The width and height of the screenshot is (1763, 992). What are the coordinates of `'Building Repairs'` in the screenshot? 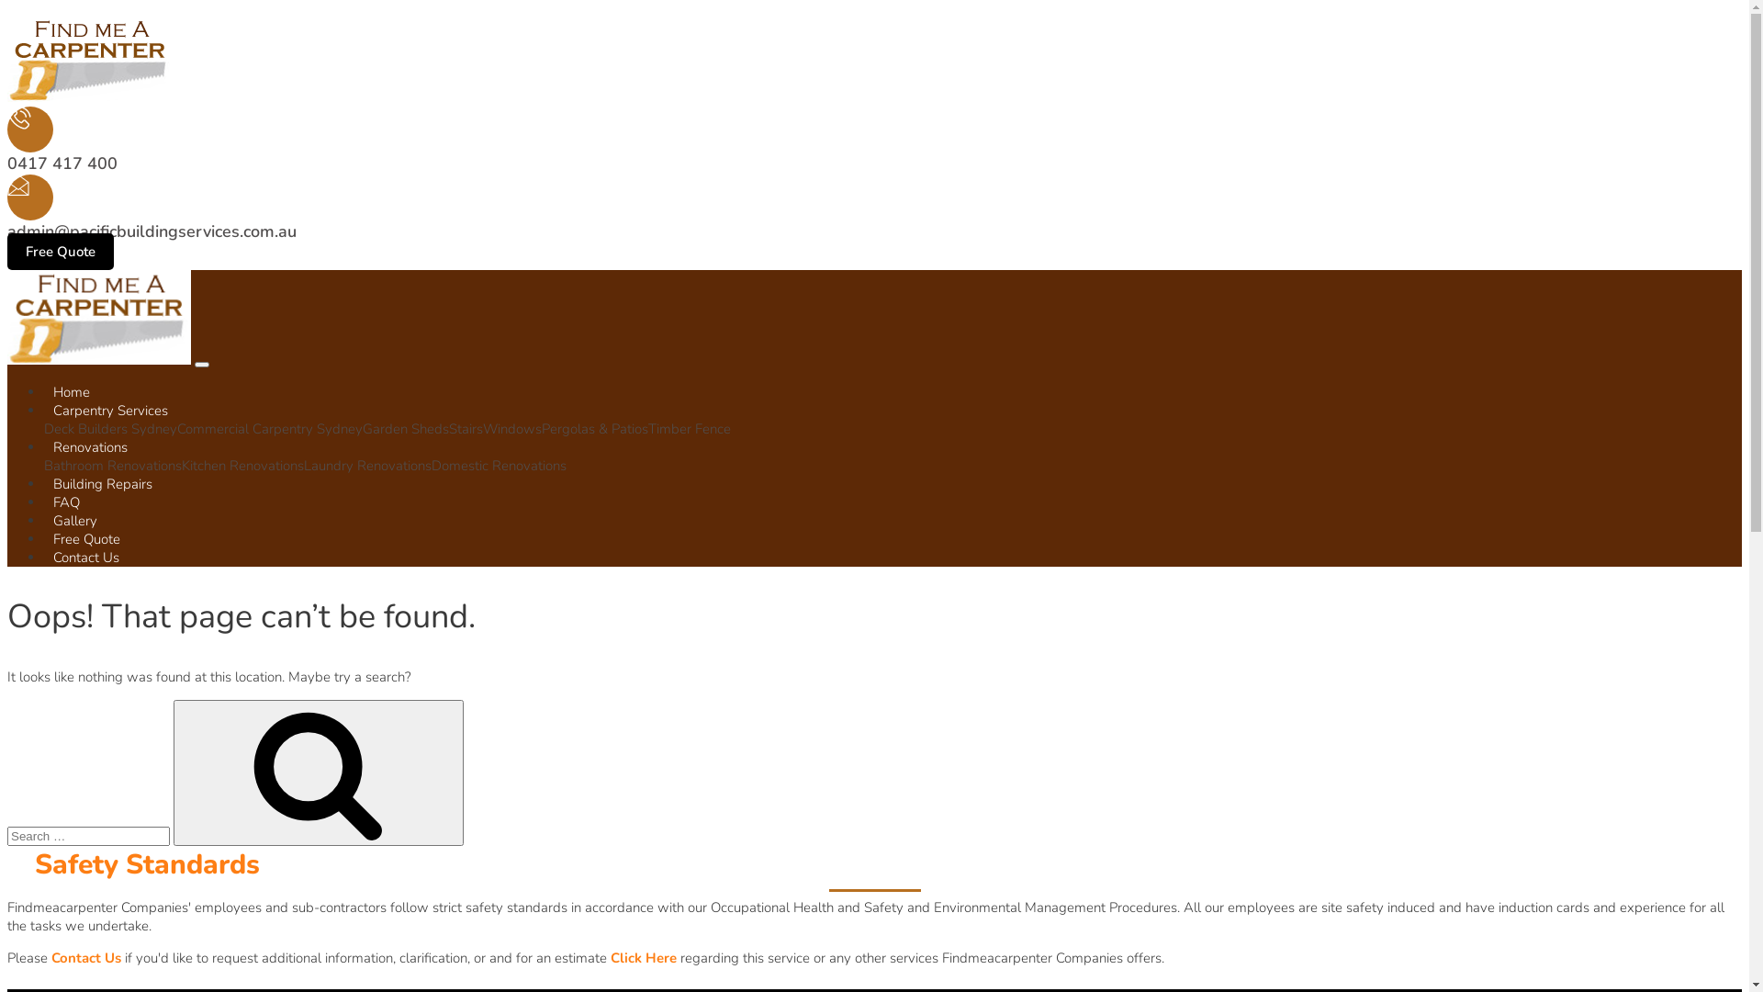 It's located at (44, 483).